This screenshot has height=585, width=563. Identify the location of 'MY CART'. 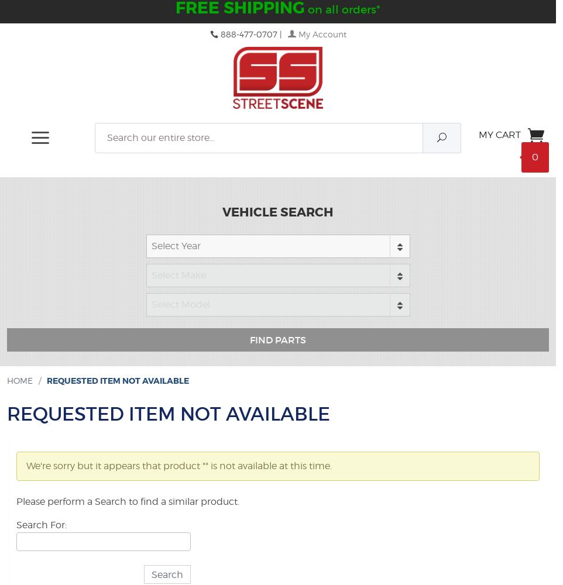
(499, 134).